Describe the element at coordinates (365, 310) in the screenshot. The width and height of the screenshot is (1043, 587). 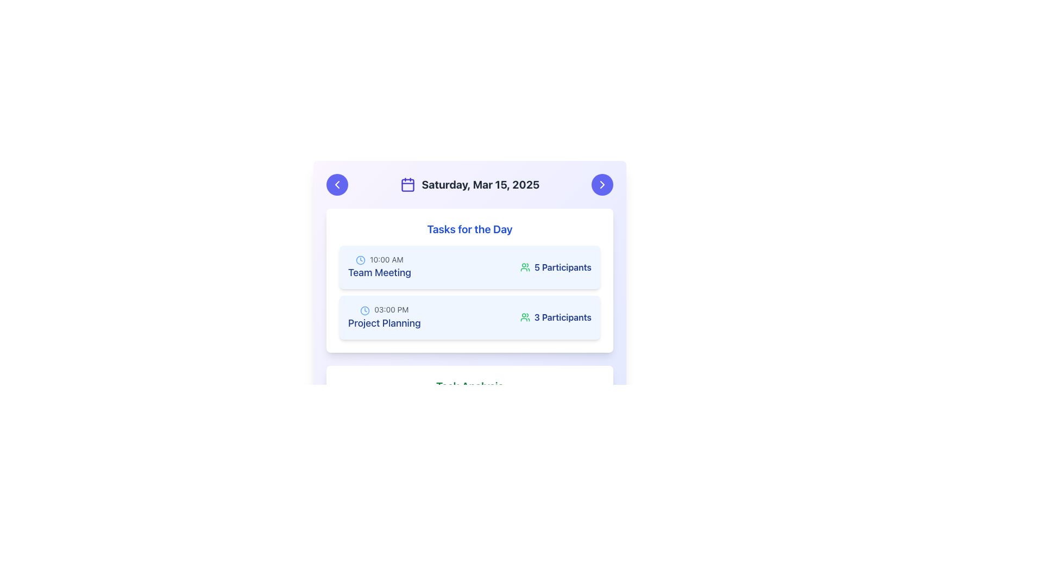
I see `the blue clock icon located to the left of the '03:00 PM' text, which is part of the second list item for the day's tasks` at that location.